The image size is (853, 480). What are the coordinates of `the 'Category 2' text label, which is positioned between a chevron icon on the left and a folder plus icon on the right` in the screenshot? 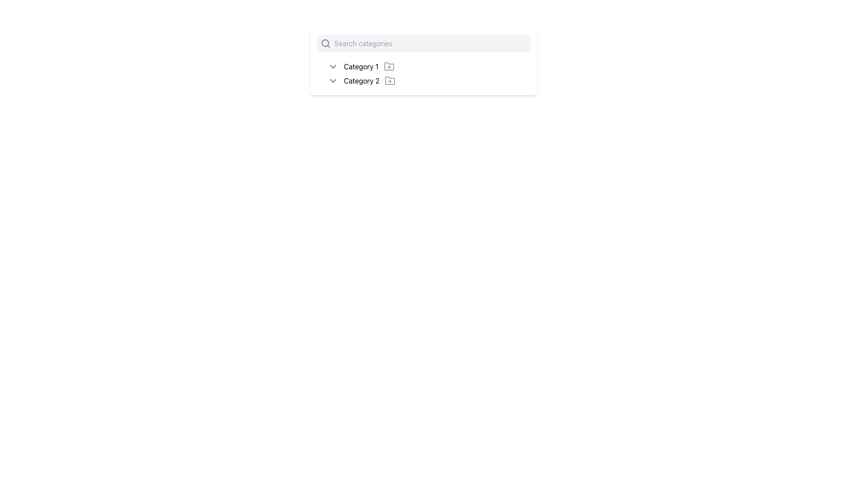 It's located at (362, 80).